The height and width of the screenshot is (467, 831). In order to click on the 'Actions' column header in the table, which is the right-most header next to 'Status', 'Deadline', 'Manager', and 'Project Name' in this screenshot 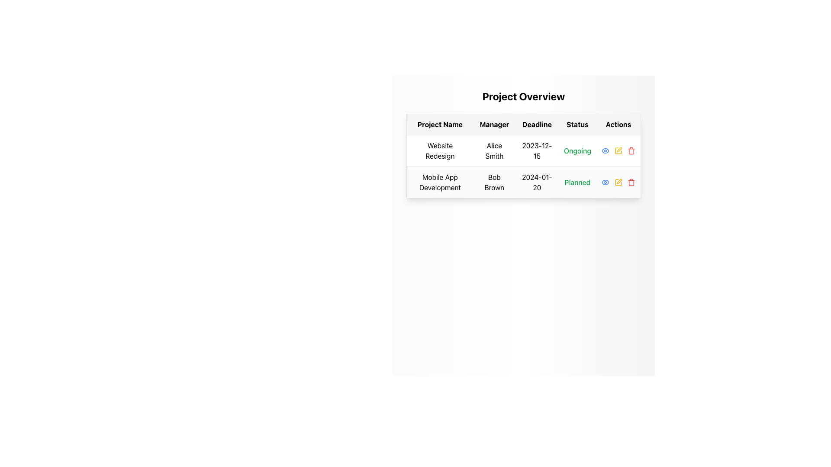, I will do `click(618, 125)`.